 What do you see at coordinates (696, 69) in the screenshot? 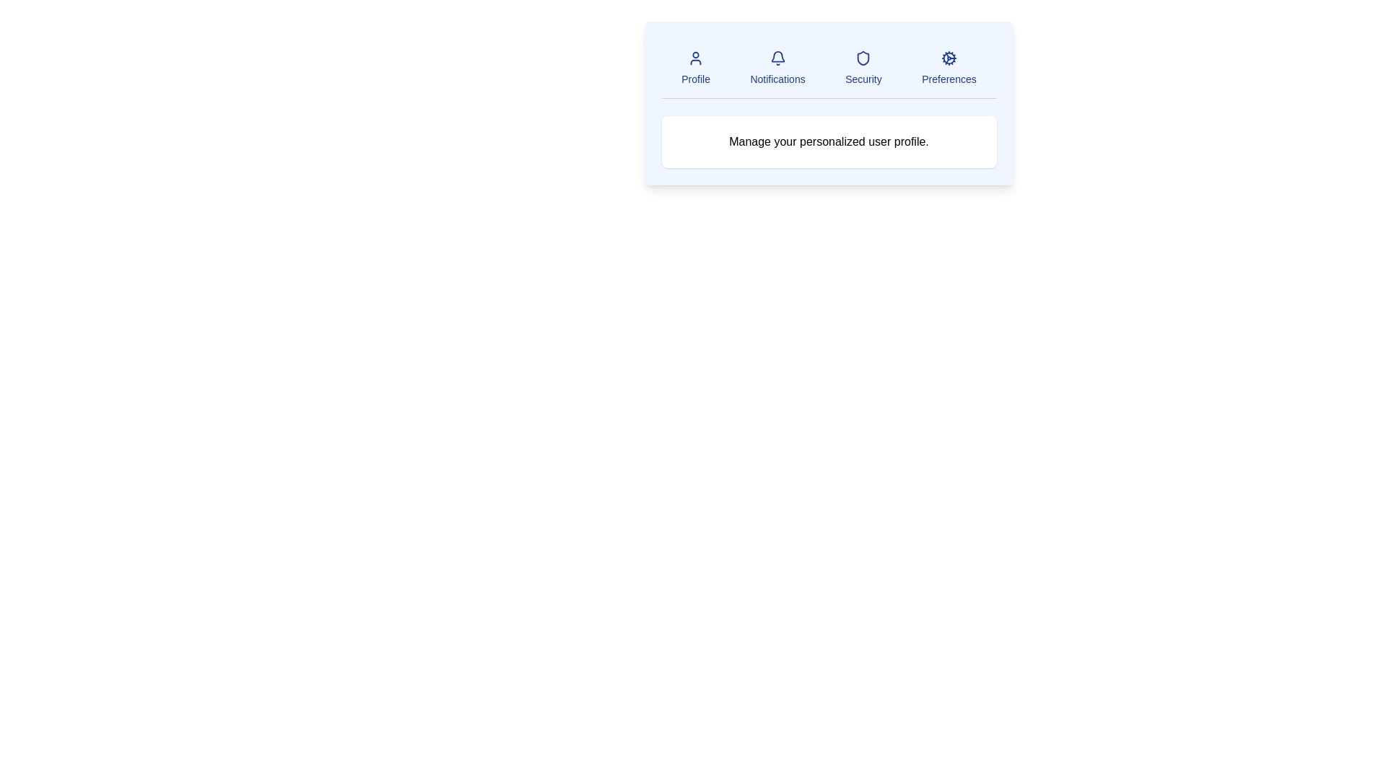
I see `the tab labeled Profile` at bounding box center [696, 69].